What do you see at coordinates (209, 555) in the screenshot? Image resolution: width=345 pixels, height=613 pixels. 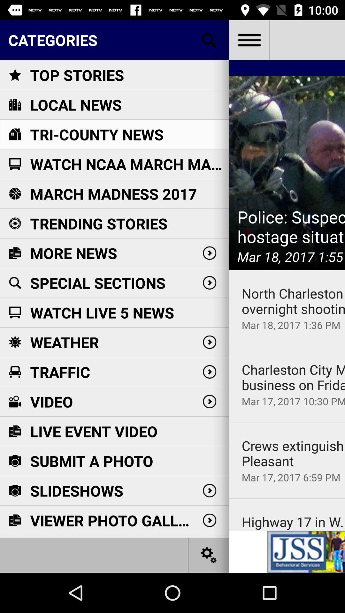 I see `settings` at bounding box center [209, 555].